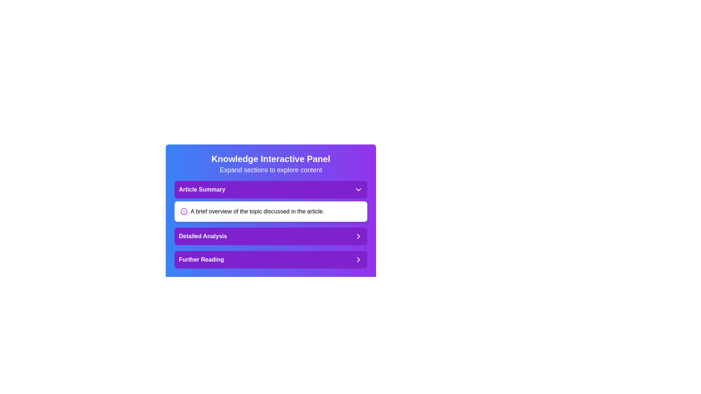 Image resolution: width=701 pixels, height=394 pixels. Describe the element at coordinates (271, 259) in the screenshot. I see `the clickable button located in the 'Knowledge Interactive Panel' that activates a shadow effect` at that location.